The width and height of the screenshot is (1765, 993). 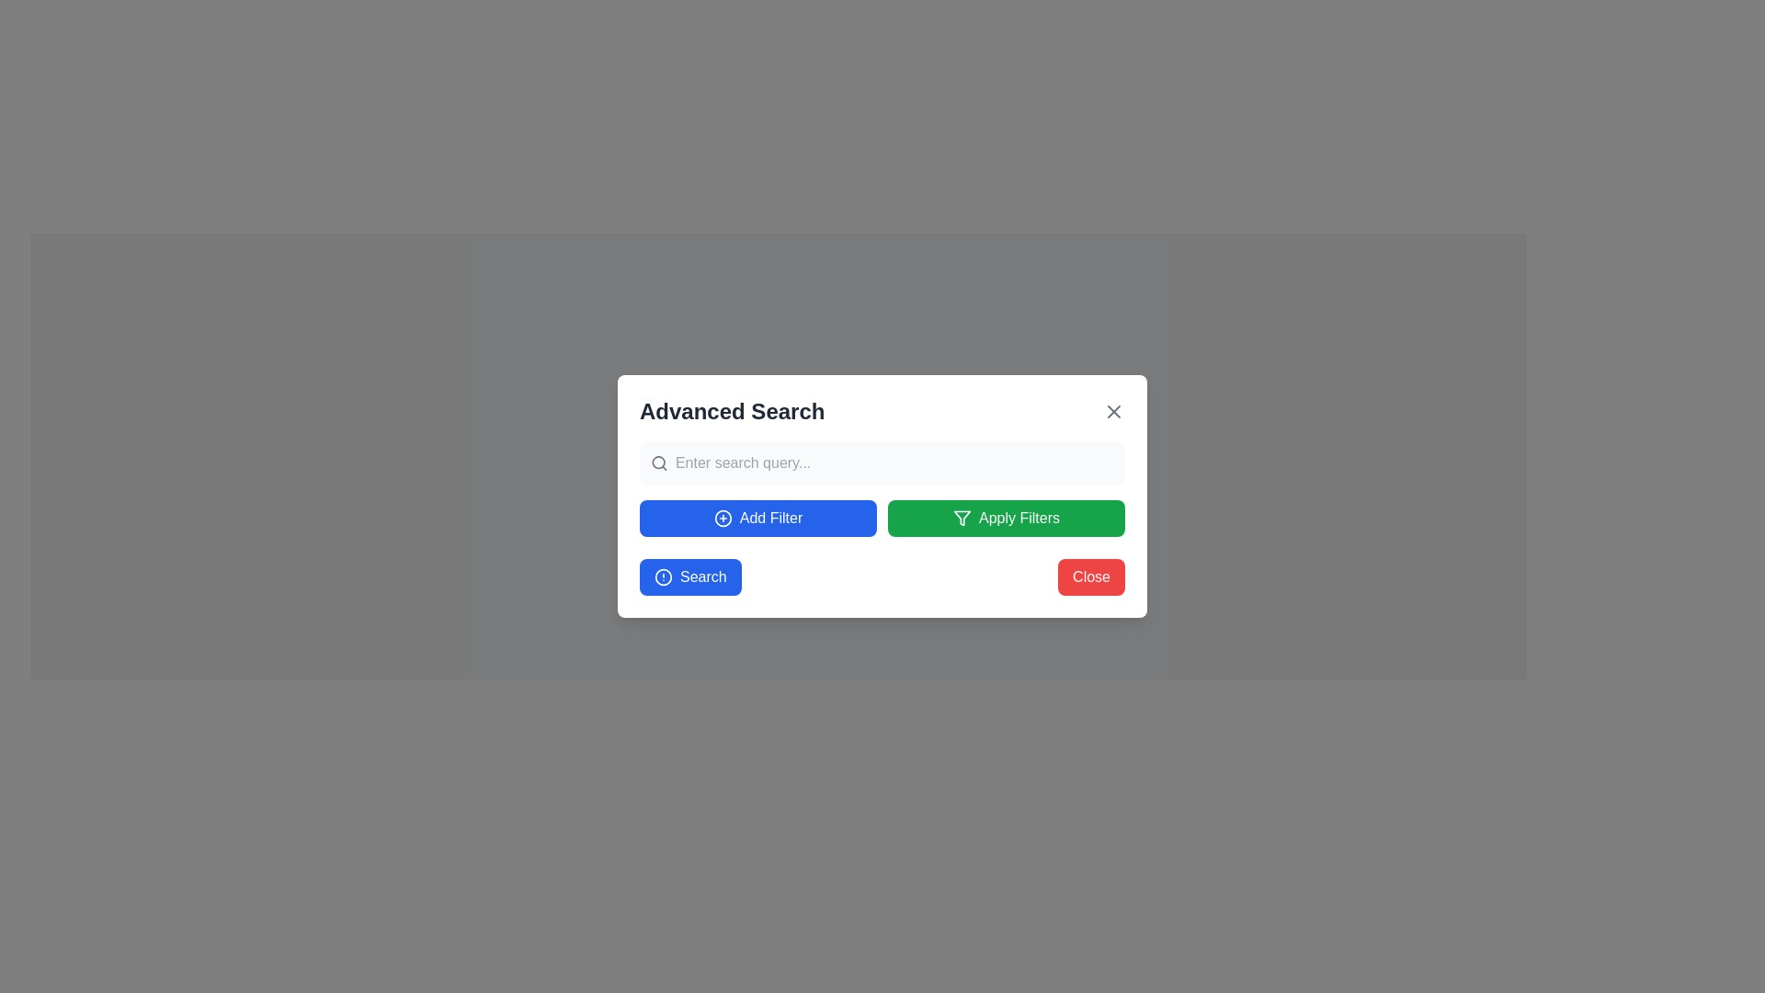 What do you see at coordinates (659, 462) in the screenshot?
I see `the search icon located to the left of the search input field below the 'Advanced Search' title to invoke a search action or focus on the input field` at bounding box center [659, 462].